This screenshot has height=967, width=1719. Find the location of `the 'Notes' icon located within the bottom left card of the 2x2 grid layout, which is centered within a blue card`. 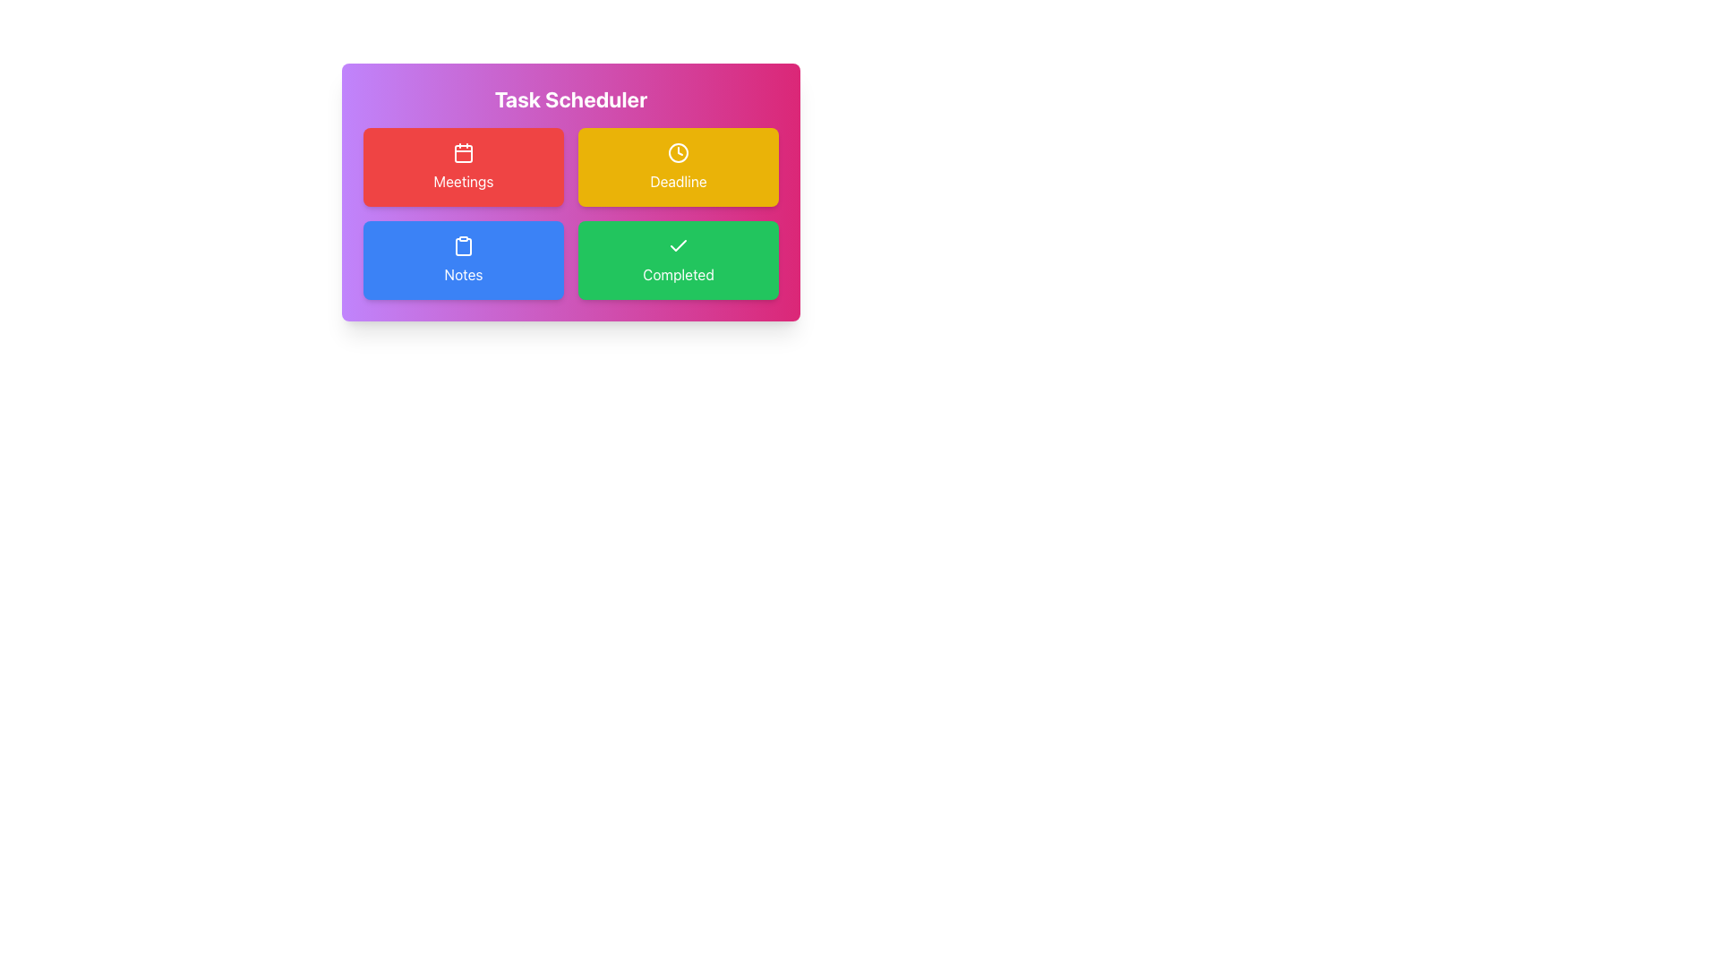

the 'Notes' icon located within the bottom left card of the 2x2 grid layout, which is centered within a blue card is located at coordinates (464, 247).